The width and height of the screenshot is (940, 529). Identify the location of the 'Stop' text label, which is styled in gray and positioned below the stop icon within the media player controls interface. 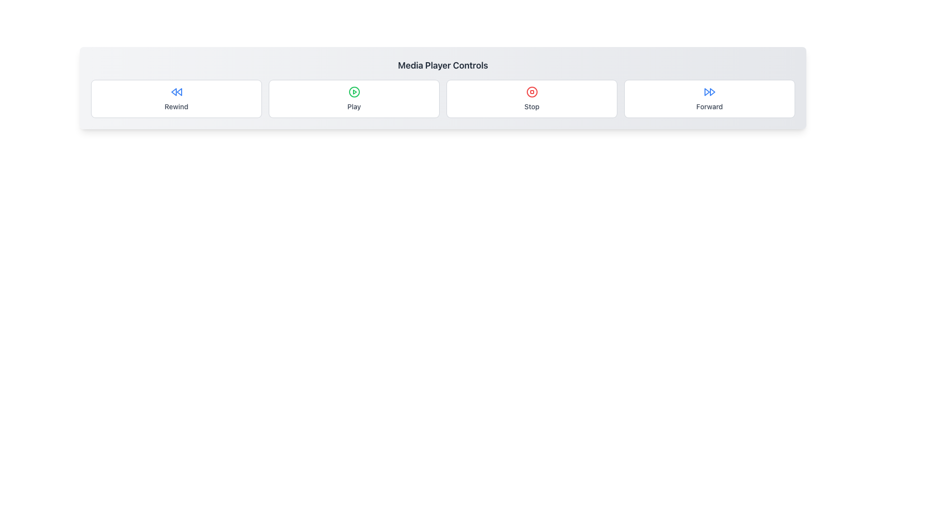
(531, 107).